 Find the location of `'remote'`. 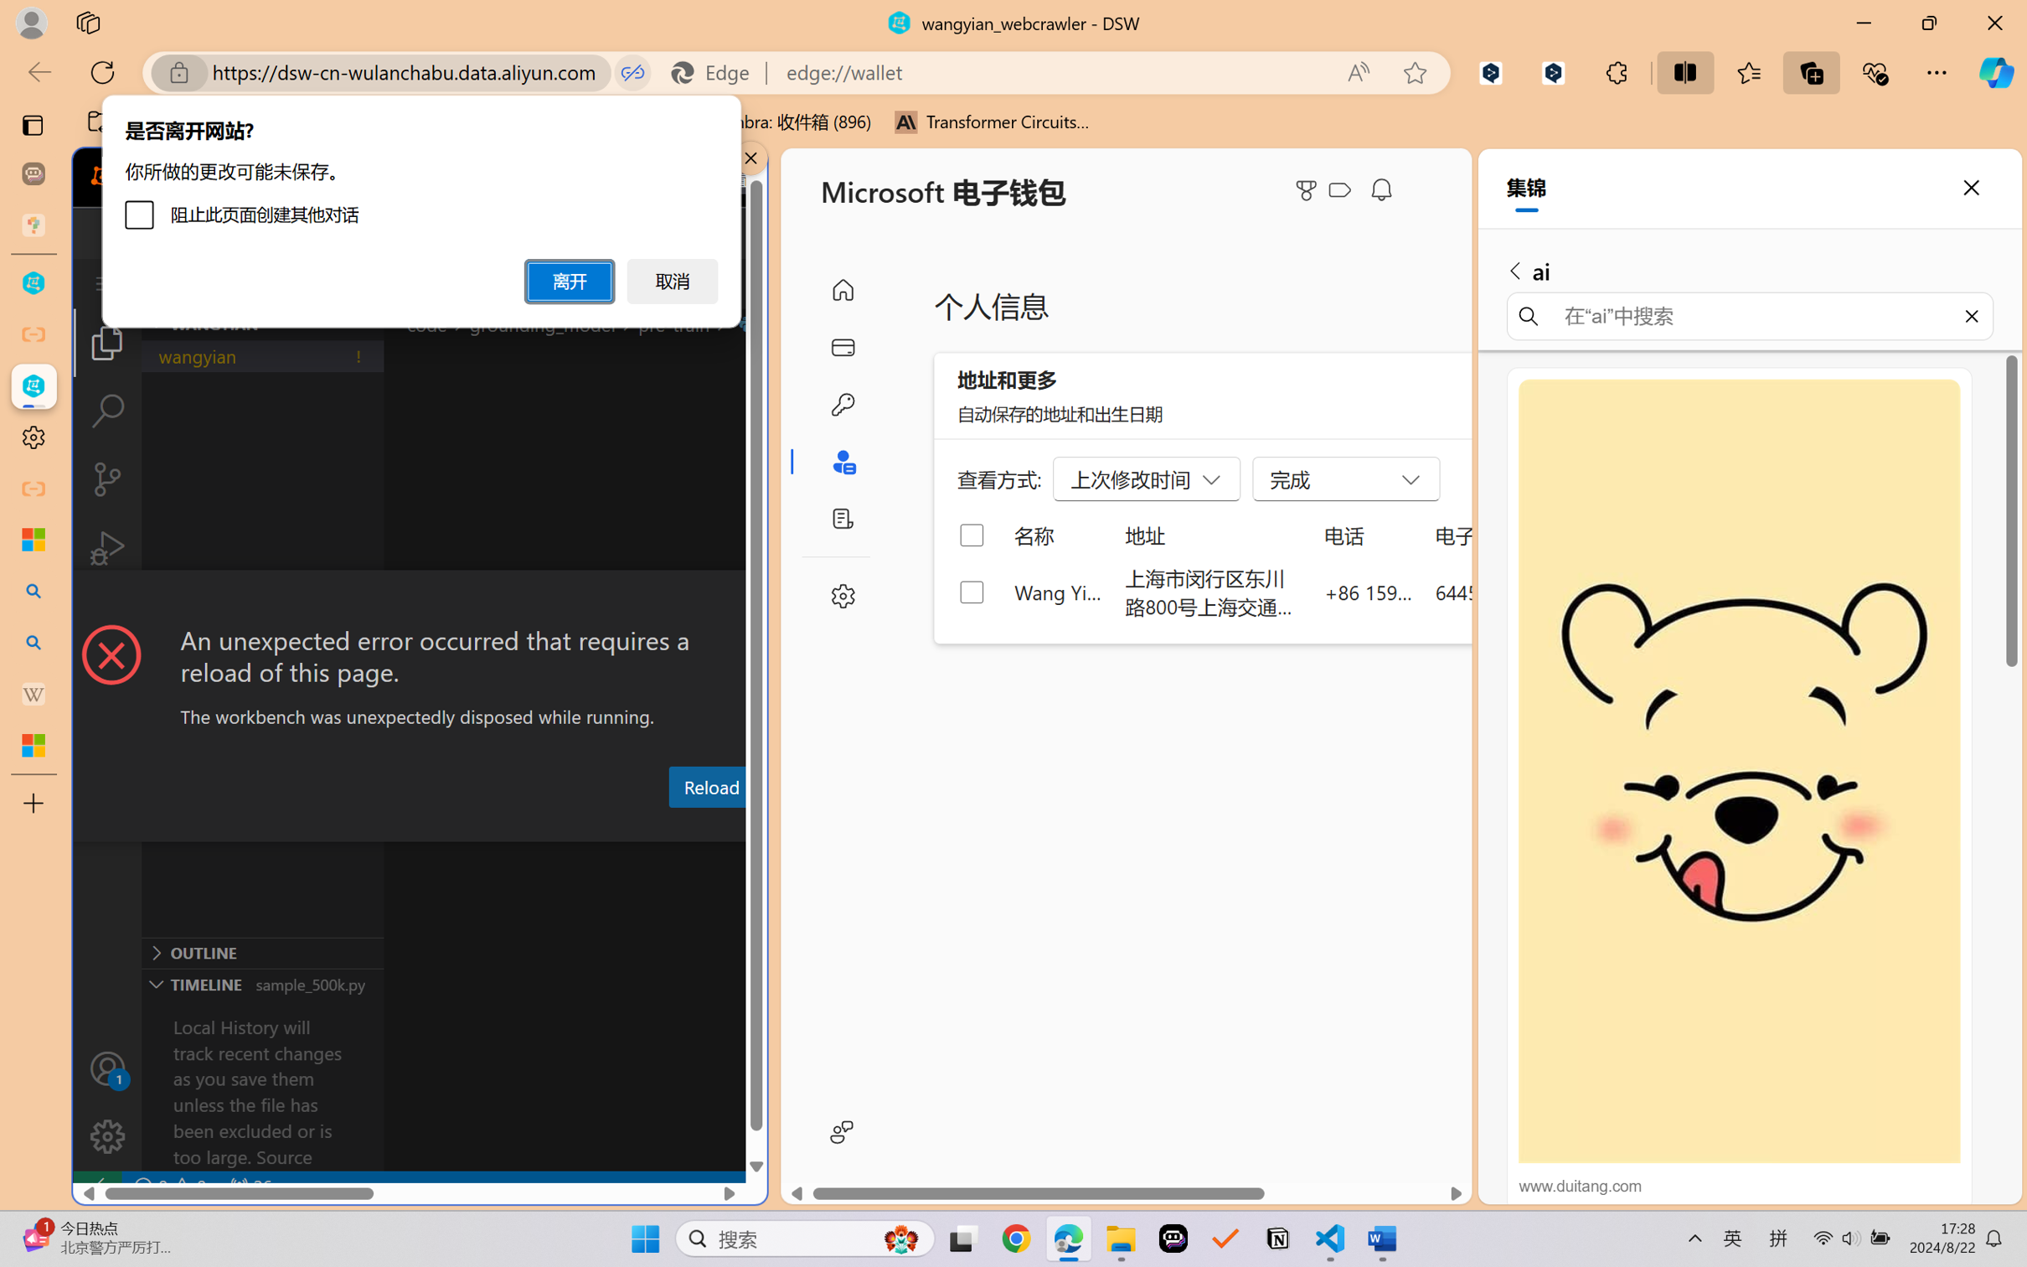

'remote' is located at coordinates (95, 1186).